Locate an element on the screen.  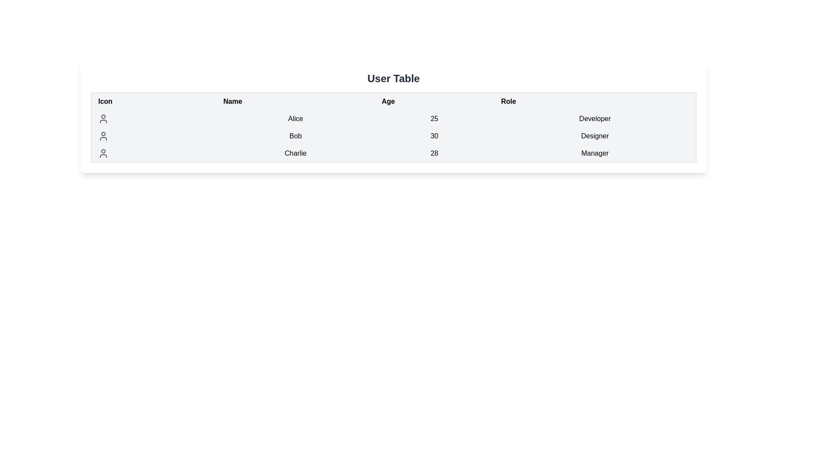
the text label displaying 'Manager' in the third row of the table under the 'Role' column, aligned with 'Charlie' and '28.' is located at coordinates (595, 153).